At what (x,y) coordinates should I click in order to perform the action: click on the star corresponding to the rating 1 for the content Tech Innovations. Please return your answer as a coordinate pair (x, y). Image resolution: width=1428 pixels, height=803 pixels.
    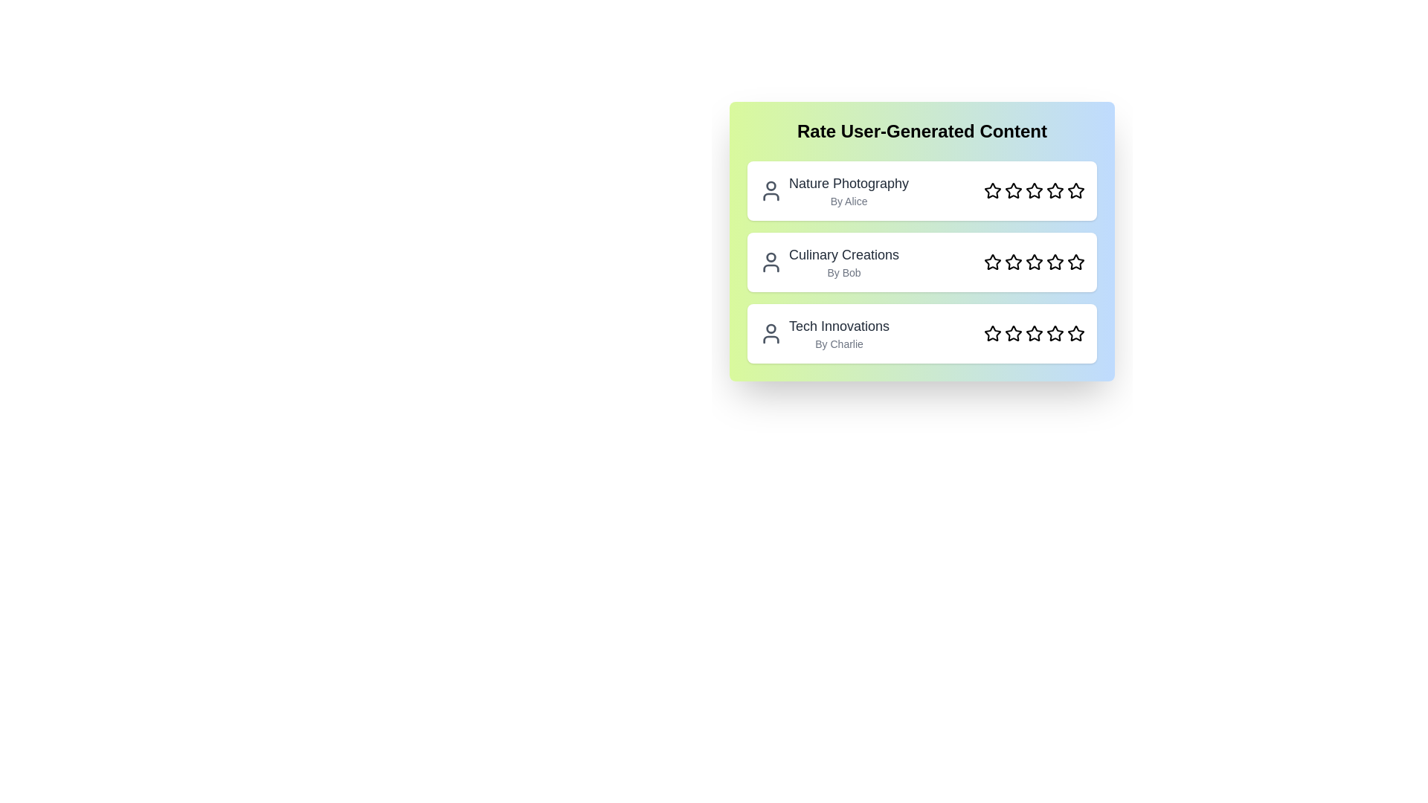
    Looking at the image, I should click on (992, 332).